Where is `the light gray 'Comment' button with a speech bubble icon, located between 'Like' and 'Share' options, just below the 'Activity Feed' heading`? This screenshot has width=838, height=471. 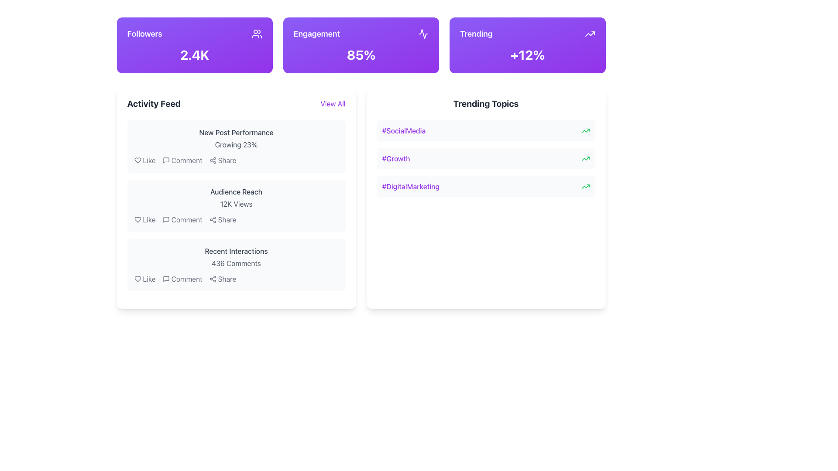
the light gray 'Comment' button with a speech bubble icon, located between 'Like' and 'Share' options, just below the 'Activity Feed' heading is located at coordinates (182, 160).